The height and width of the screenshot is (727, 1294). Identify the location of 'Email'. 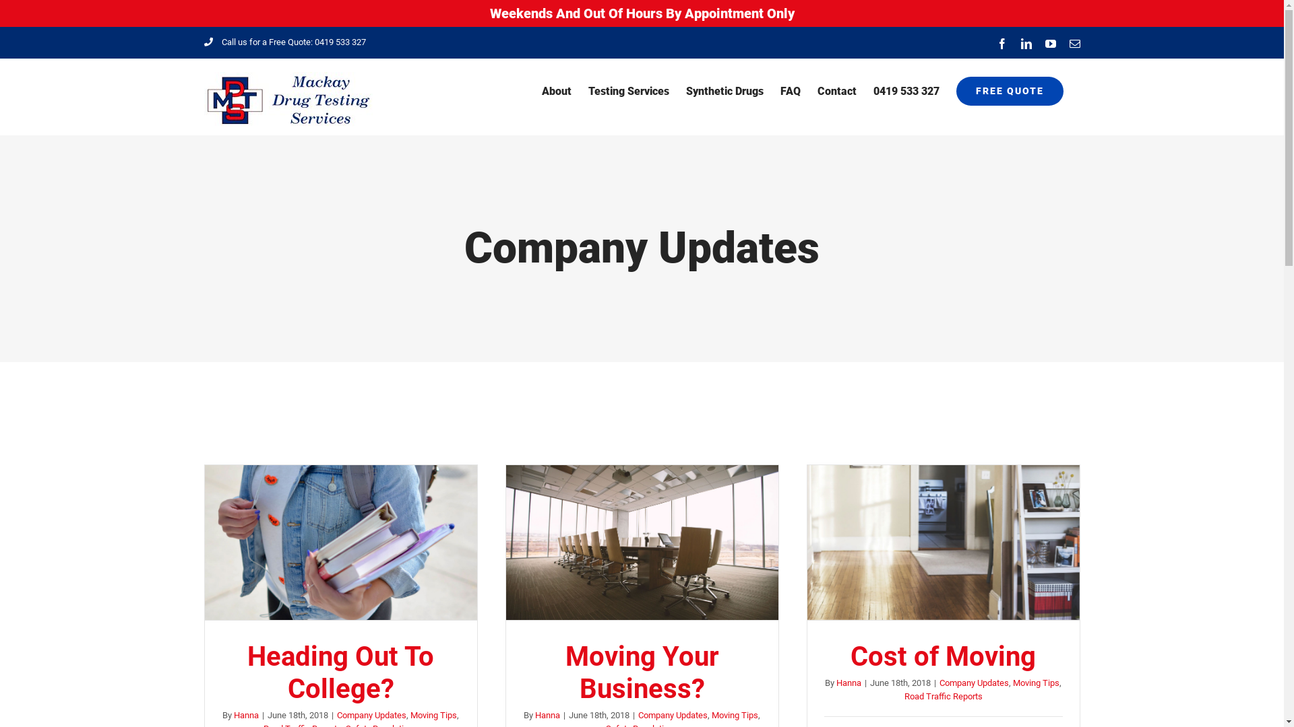
(1073, 42).